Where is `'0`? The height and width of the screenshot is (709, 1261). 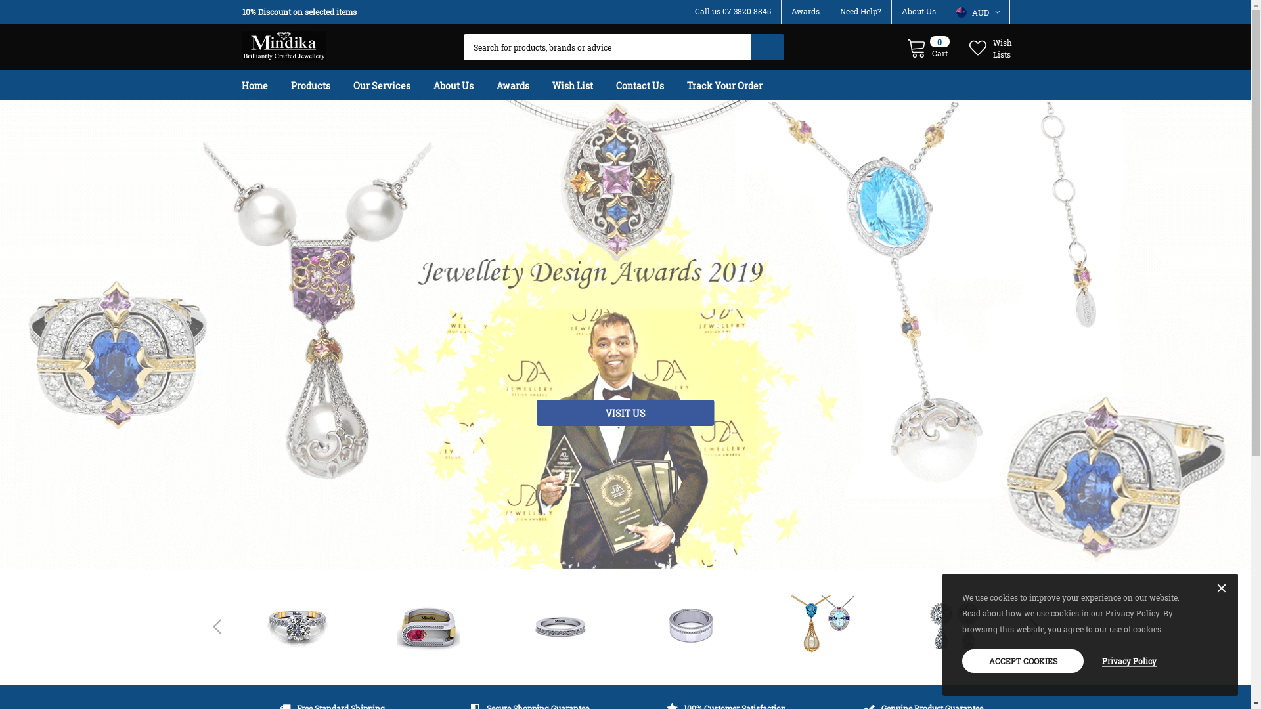 '0 is located at coordinates (927, 47).